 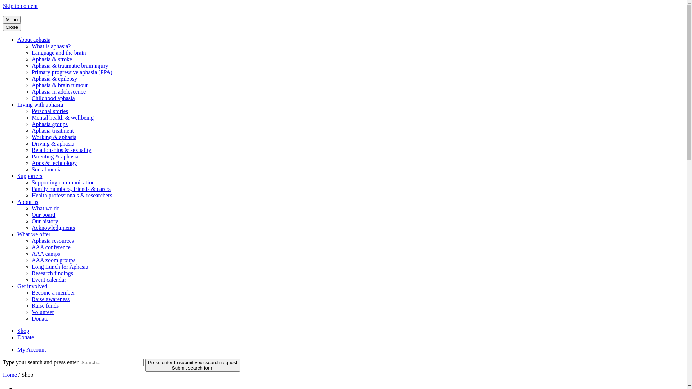 I want to click on 'Language and the brain', so click(x=59, y=52).